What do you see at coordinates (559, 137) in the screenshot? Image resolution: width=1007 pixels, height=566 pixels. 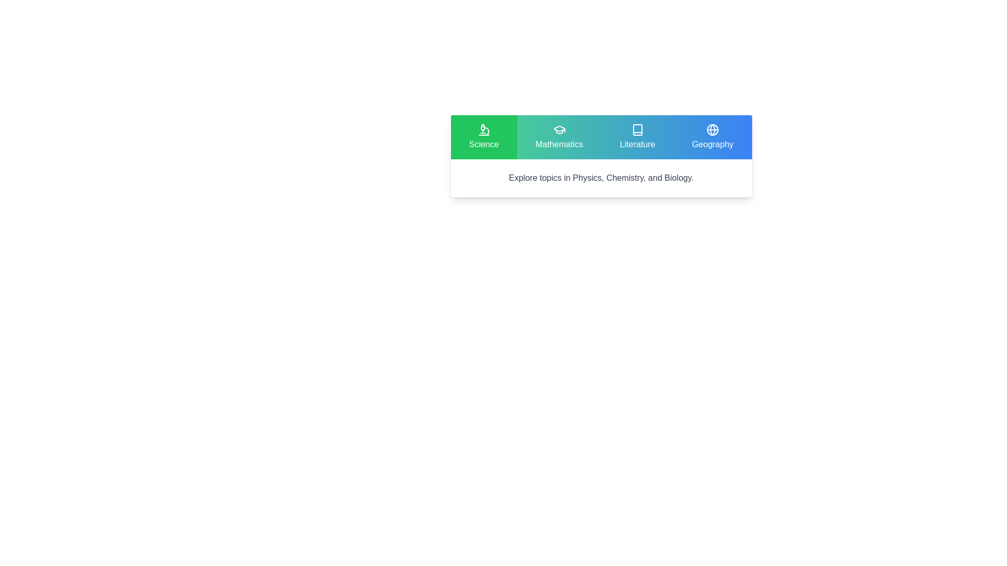 I see `the Mathematics button, which is the second tab in a row of four tabs, located between the Science and Literature tabs at the top center of the interface to trigger hover effects` at bounding box center [559, 137].